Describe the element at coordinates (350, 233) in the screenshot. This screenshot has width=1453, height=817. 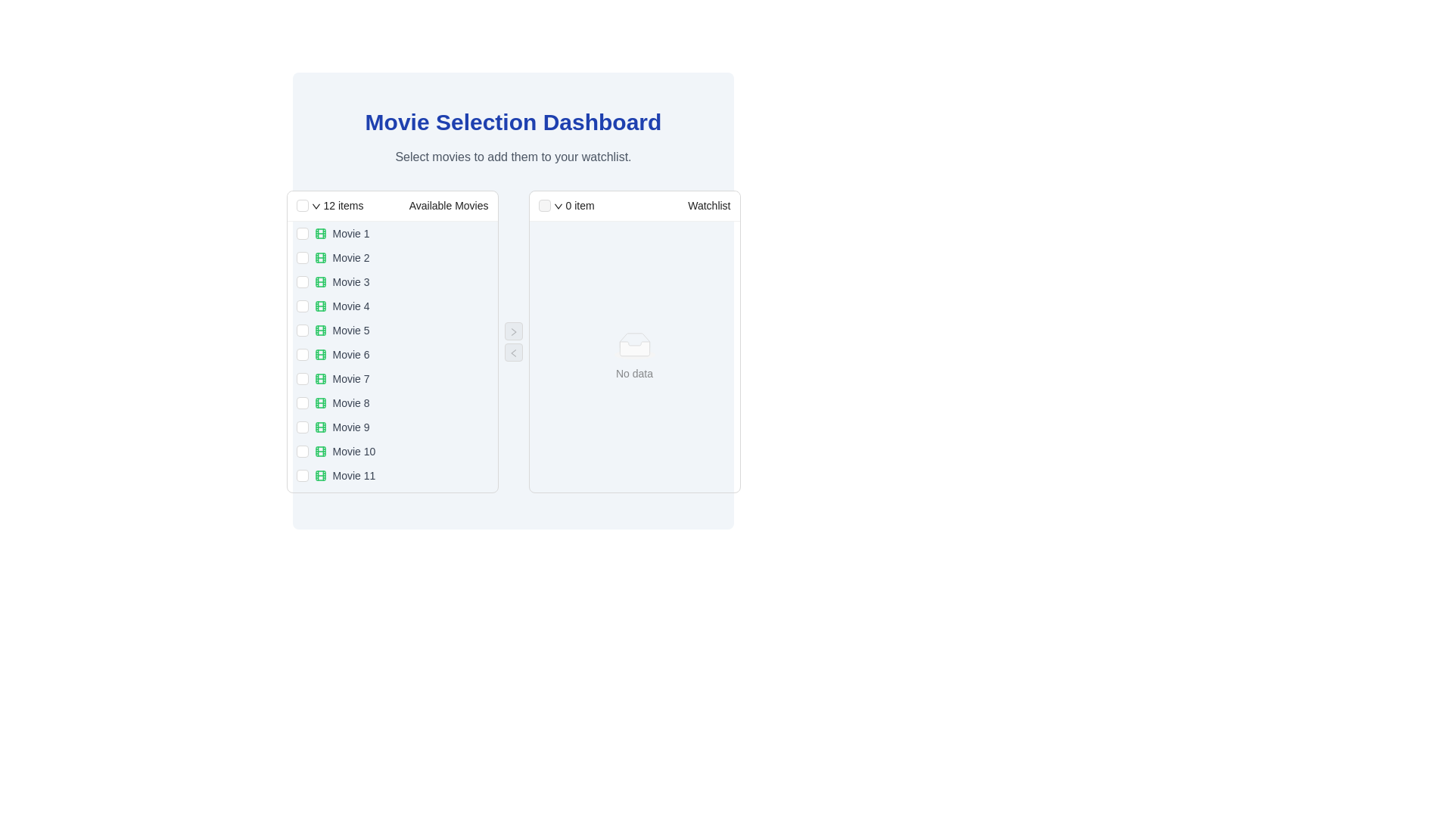
I see `text of the 'Movie 1' label, which is the first entry in the 'Available Movies' section, styled with a simple sans-serif font` at that location.